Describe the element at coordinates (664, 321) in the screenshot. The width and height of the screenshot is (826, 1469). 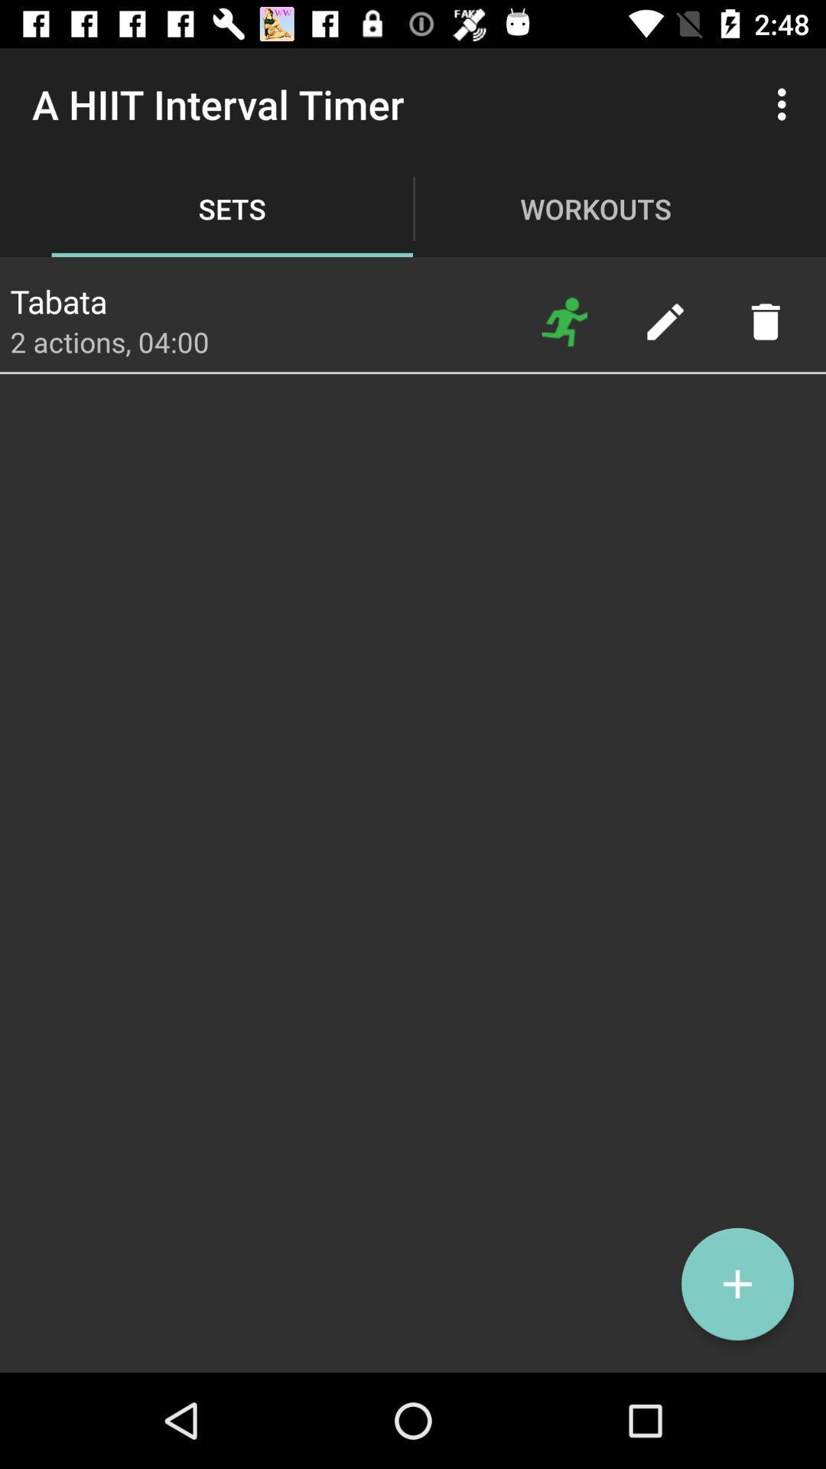
I see `edit` at that location.